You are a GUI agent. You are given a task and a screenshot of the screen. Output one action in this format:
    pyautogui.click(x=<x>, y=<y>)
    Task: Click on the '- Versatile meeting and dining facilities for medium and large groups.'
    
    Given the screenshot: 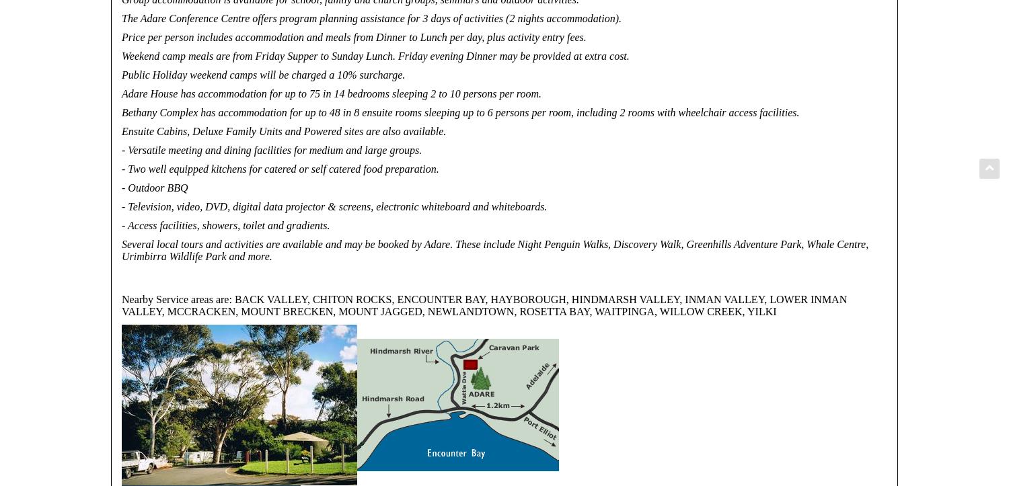 What is the action you would take?
    pyautogui.click(x=271, y=149)
    